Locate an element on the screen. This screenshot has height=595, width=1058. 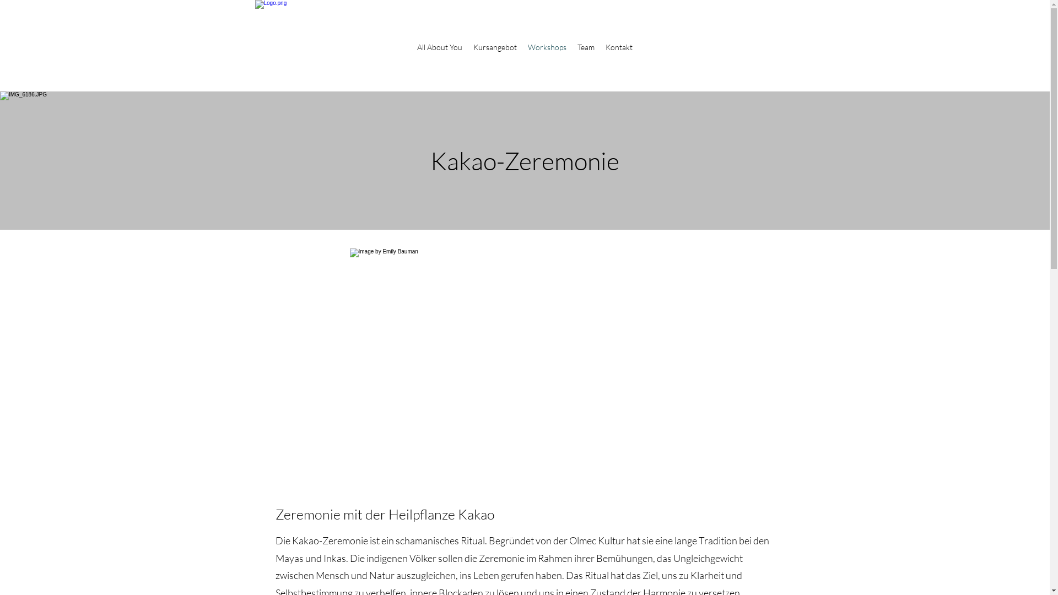
'Kursangebot' is located at coordinates (468, 46).